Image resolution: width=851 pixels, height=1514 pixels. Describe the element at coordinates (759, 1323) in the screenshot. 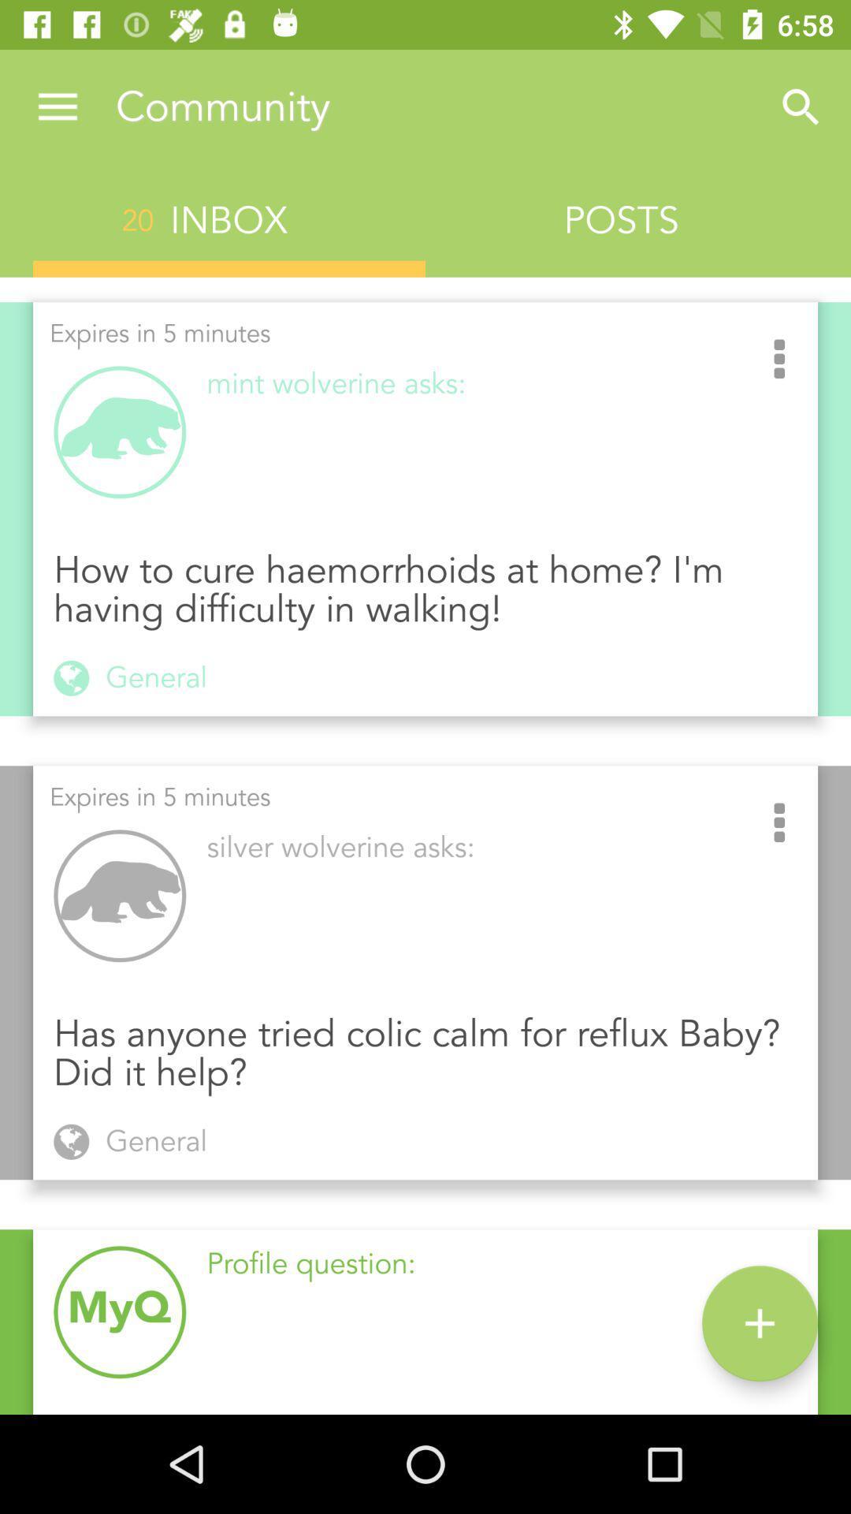

I see `icon to the right of the profile question:` at that location.